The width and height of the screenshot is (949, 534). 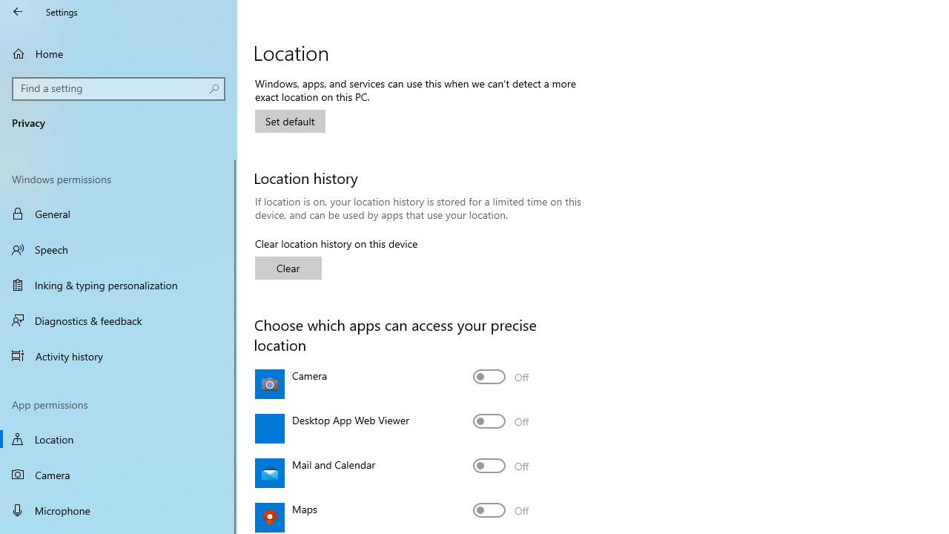 What do you see at coordinates (119, 355) in the screenshot?
I see `'Activity history'` at bounding box center [119, 355].